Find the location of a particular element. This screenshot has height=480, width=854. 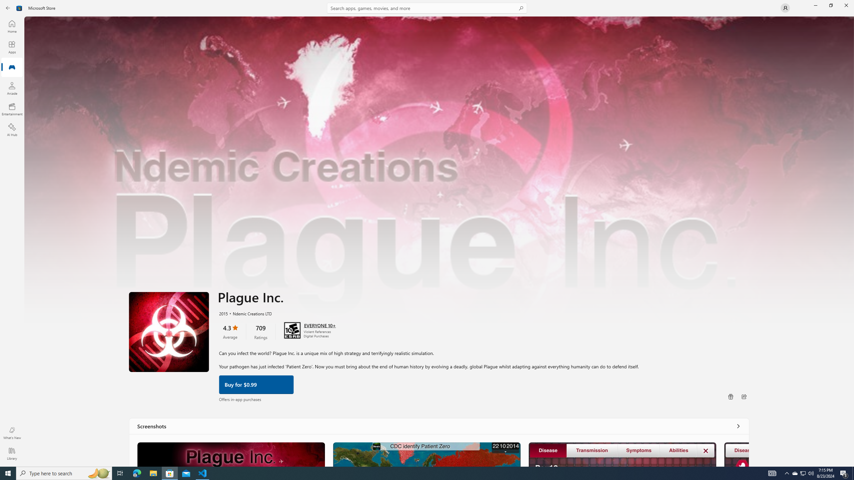

'Age rating: EVERYONE 10+. Click for more information.' is located at coordinates (319, 324).